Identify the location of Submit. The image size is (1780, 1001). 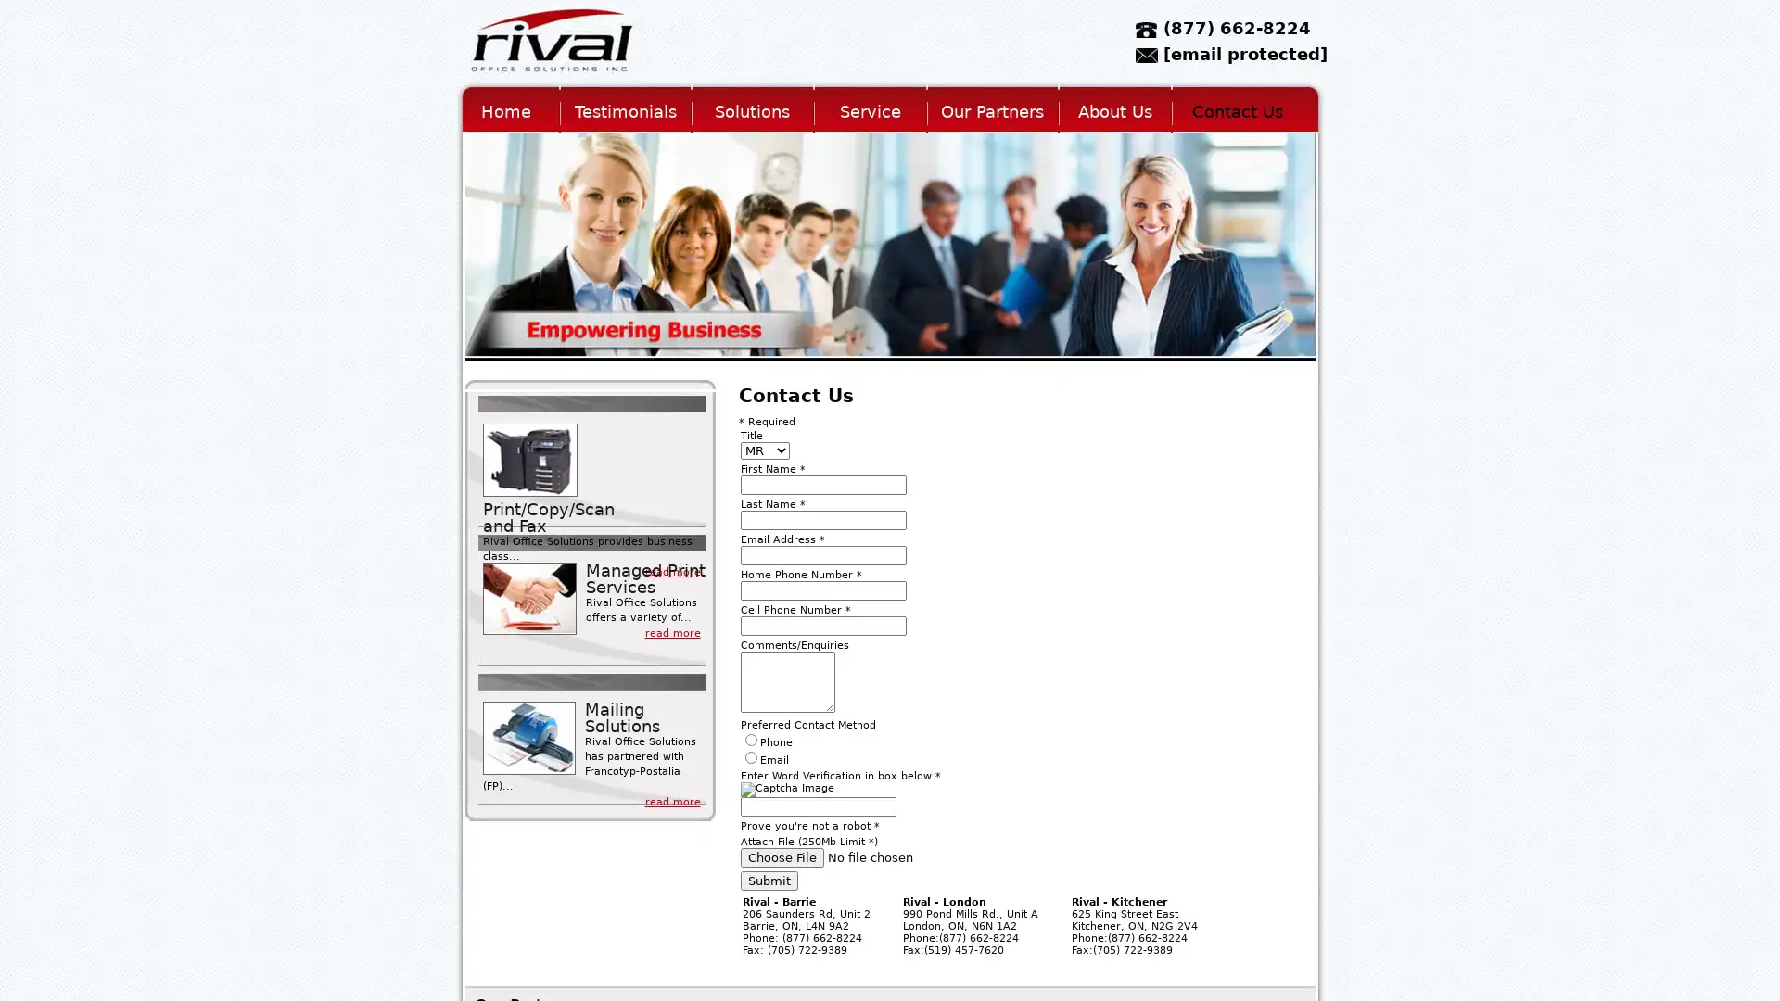
(769, 880).